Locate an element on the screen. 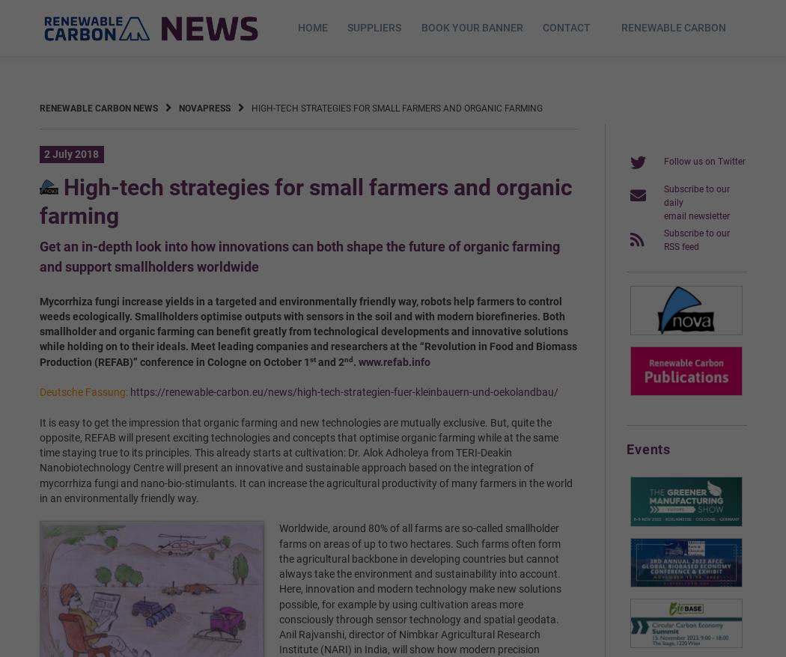  'It is easy to get the impression that organic farming and new technologies are mutually exclusive. But, quite the opposite, REFAB will present exciting technologies and concepts that optimise organic farming while at the same time staying true to its principles. This already starts at cultivation: Dr. Alok Adholeya from TERI-Deakin Nanobiotechnology Centre will present an innovative and sustainable approach based on the integration of mycorrhiza fungi and nano-bio-stimulants. It can increase the agricultural productivity of many farmers in the world in an environmentally friendly way.' is located at coordinates (305, 459).